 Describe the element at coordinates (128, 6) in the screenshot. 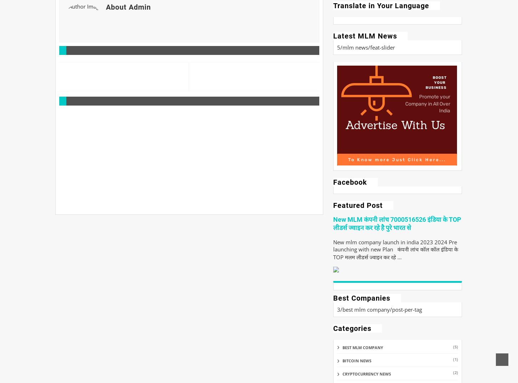

I see `'About Admin'` at that location.